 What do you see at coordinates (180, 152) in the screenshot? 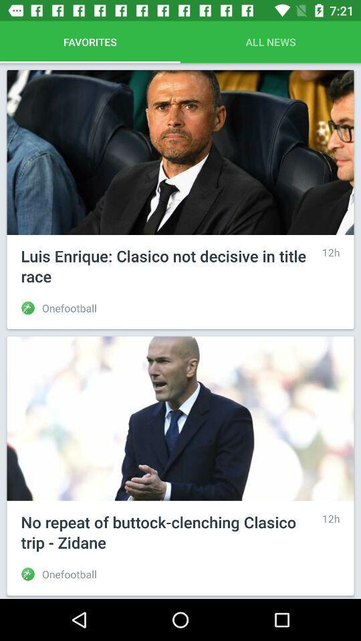
I see `first image` at bounding box center [180, 152].